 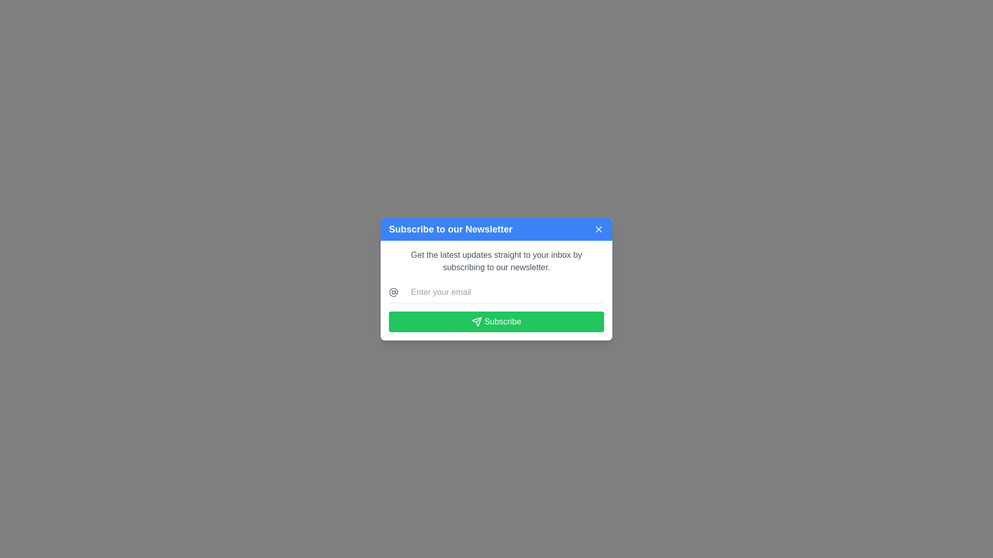 I want to click on the text label or heading located at the top left of the blue header section within the newsletter subscription popup, so click(x=450, y=228).